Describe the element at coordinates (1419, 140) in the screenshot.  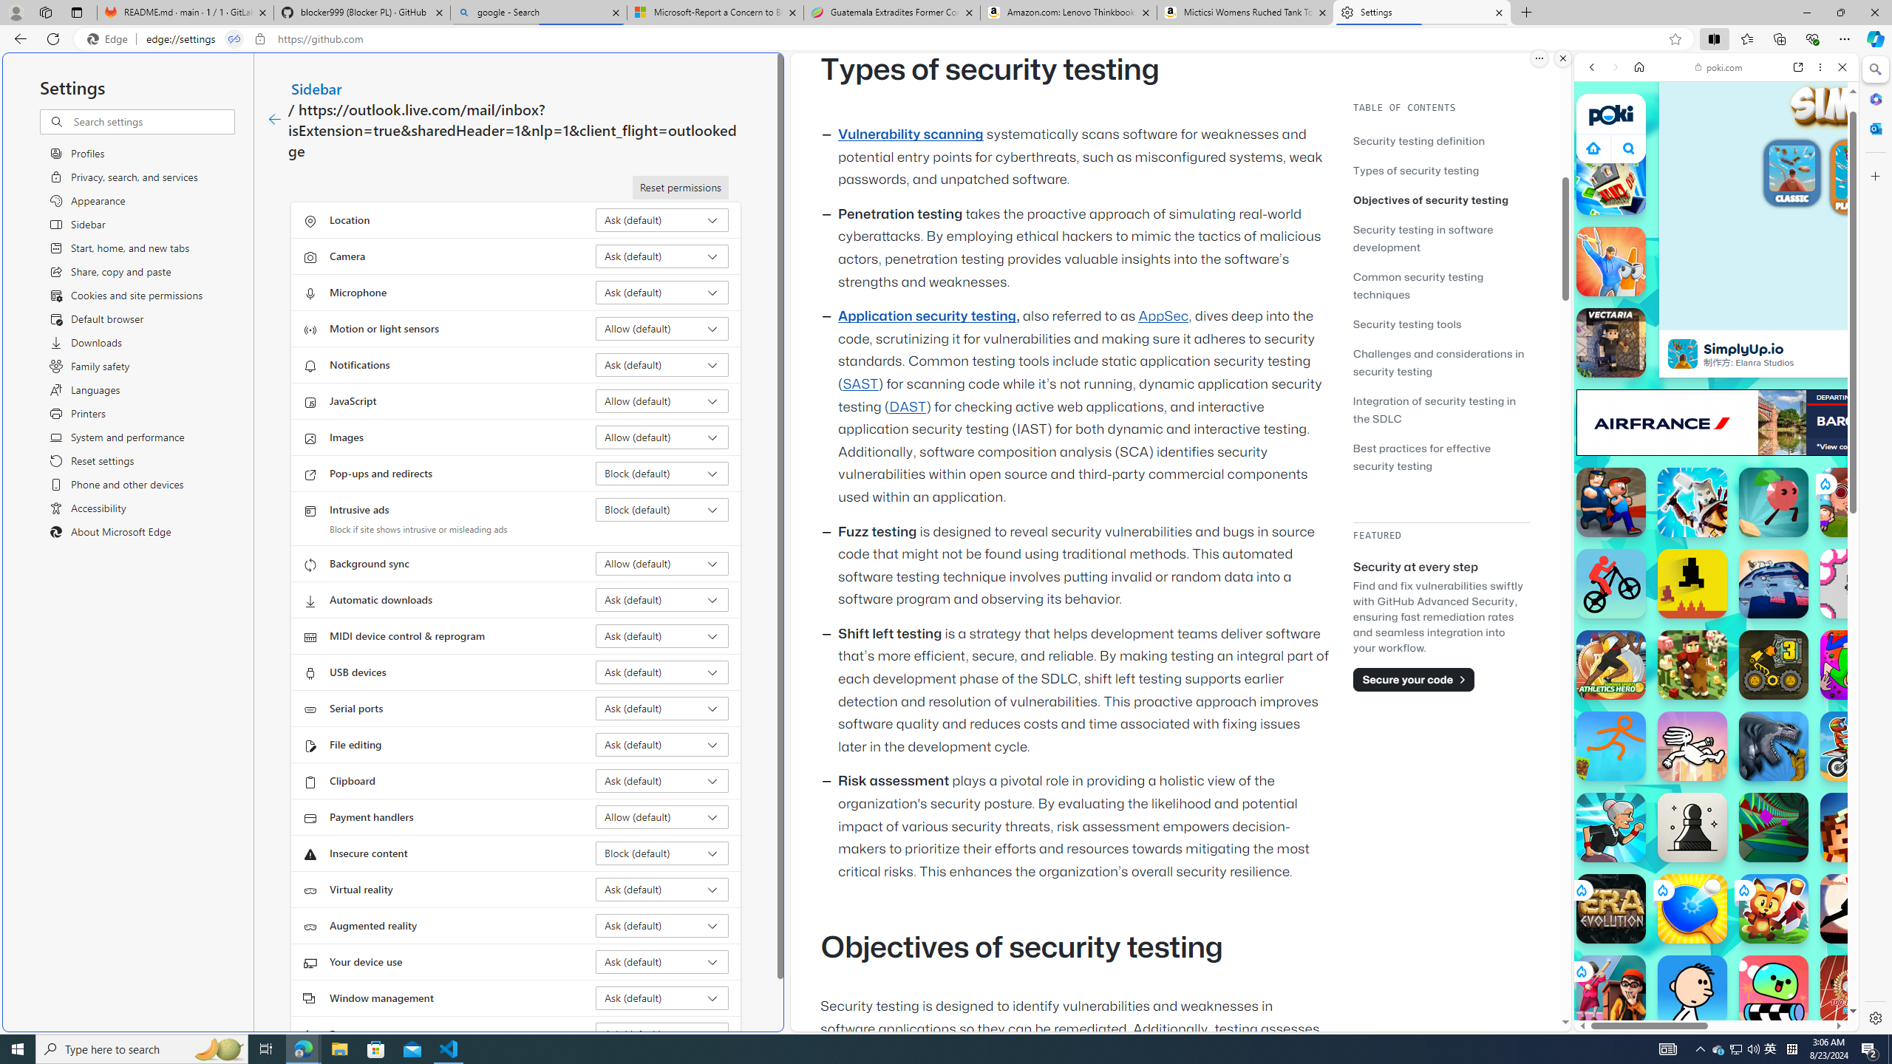
I see `'Security testing definition'` at that location.